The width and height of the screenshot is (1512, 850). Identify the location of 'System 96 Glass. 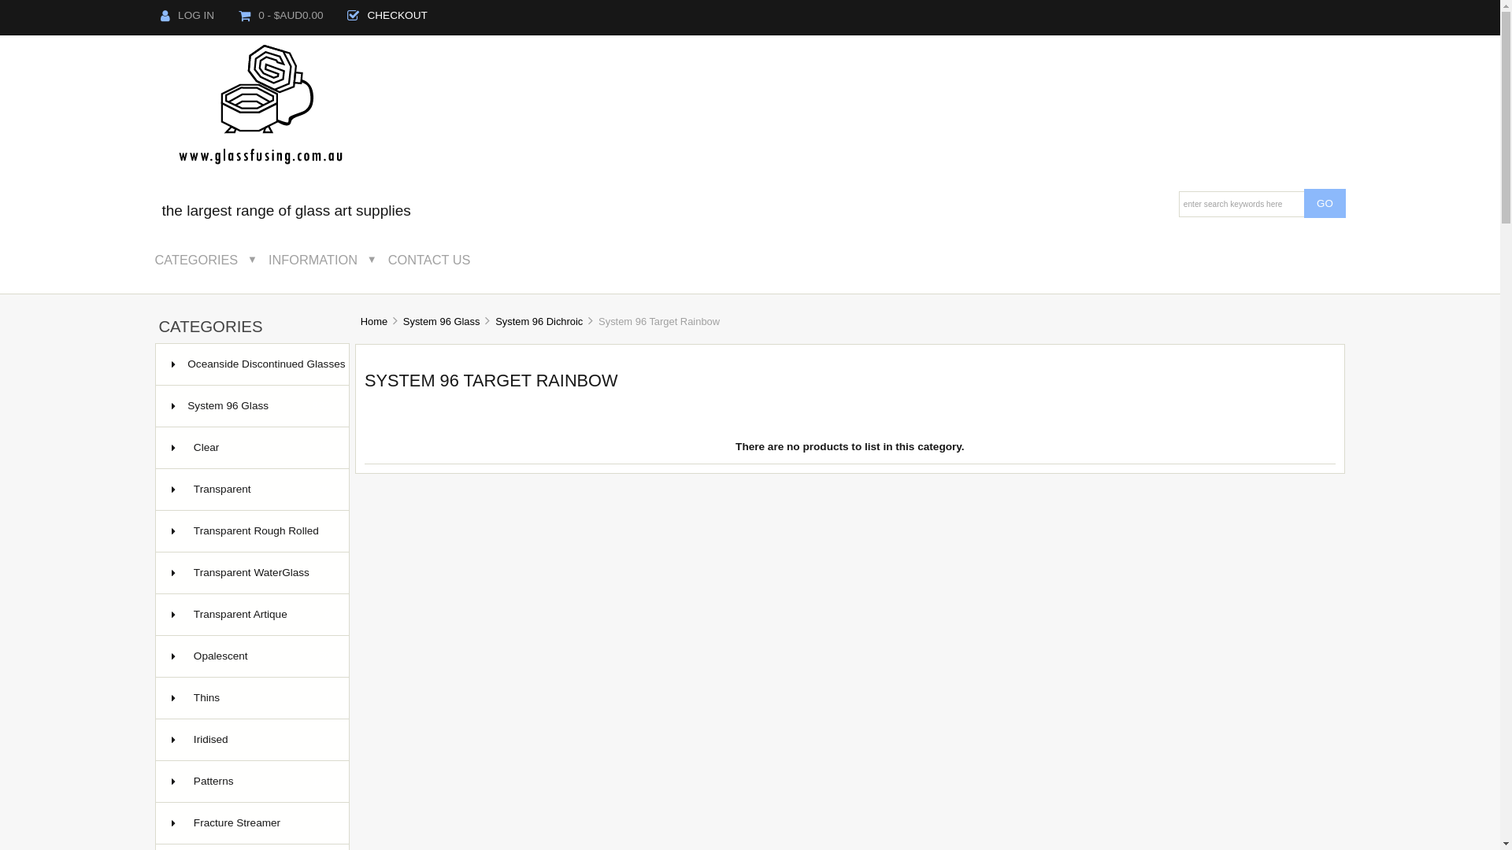
(252, 405).